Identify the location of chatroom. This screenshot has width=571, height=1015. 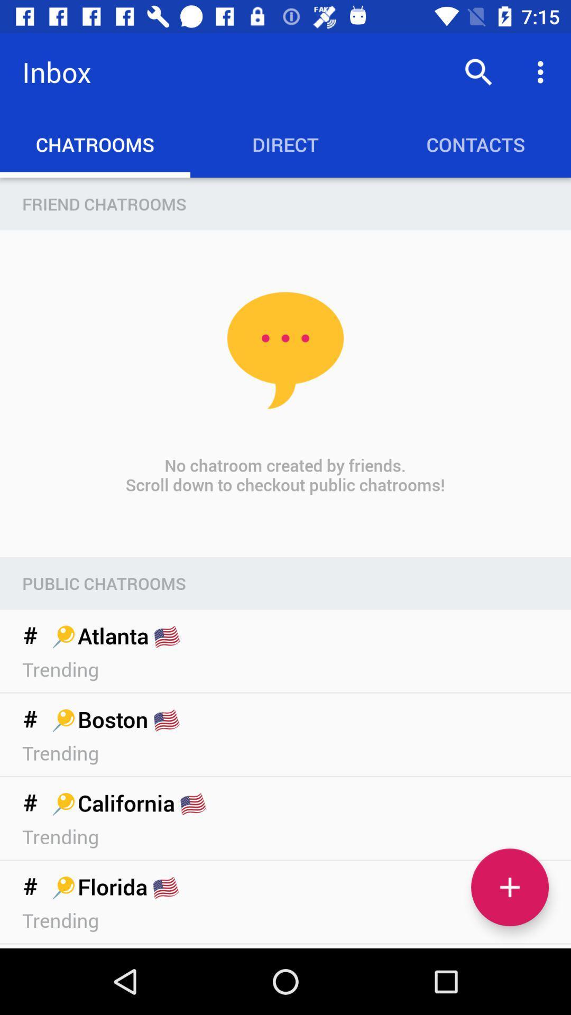
(509, 887).